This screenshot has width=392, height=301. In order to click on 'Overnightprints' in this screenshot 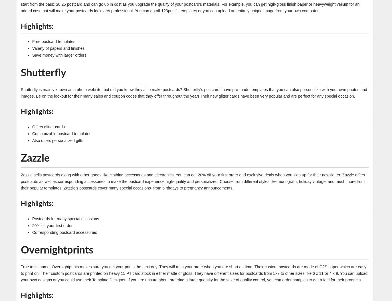, I will do `click(57, 250)`.